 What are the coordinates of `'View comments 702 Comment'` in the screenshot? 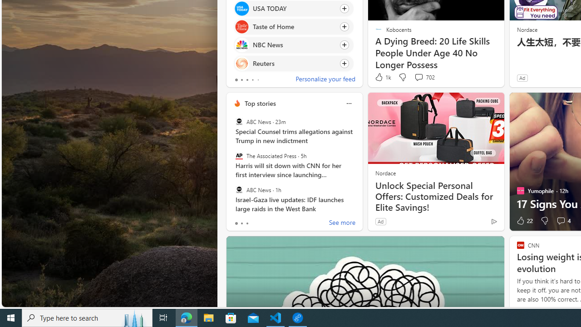 It's located at (424, 77).